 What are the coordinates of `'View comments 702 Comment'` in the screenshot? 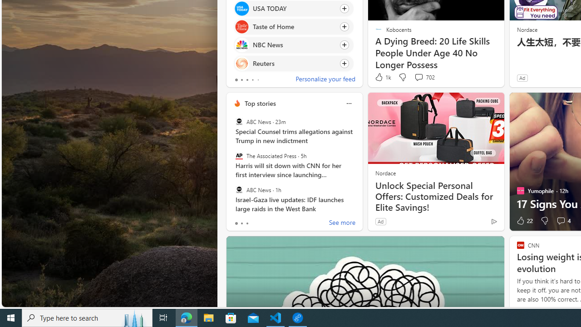 It's located at (424, 77).